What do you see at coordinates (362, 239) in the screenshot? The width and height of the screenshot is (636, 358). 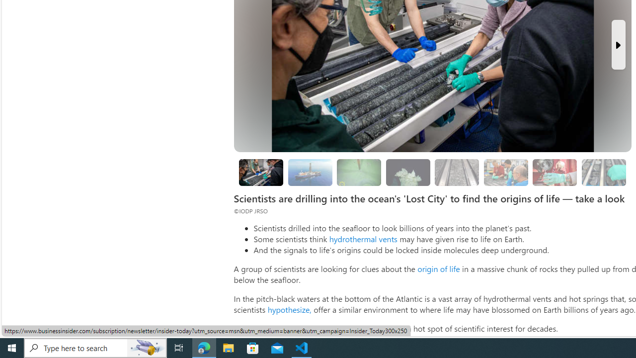 I see `'hydrothermal vents'` at bounding box center [362, 239].